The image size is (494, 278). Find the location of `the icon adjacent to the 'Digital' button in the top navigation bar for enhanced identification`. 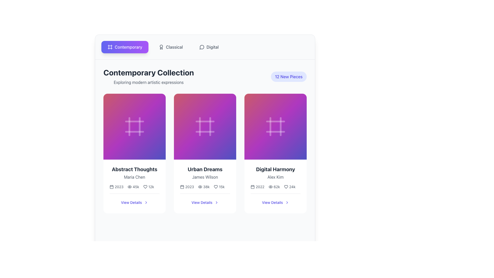

the icon adjacent to the 'Digital' button in the top navigation bar for enhanced identification is located at coordinates (201, 47).